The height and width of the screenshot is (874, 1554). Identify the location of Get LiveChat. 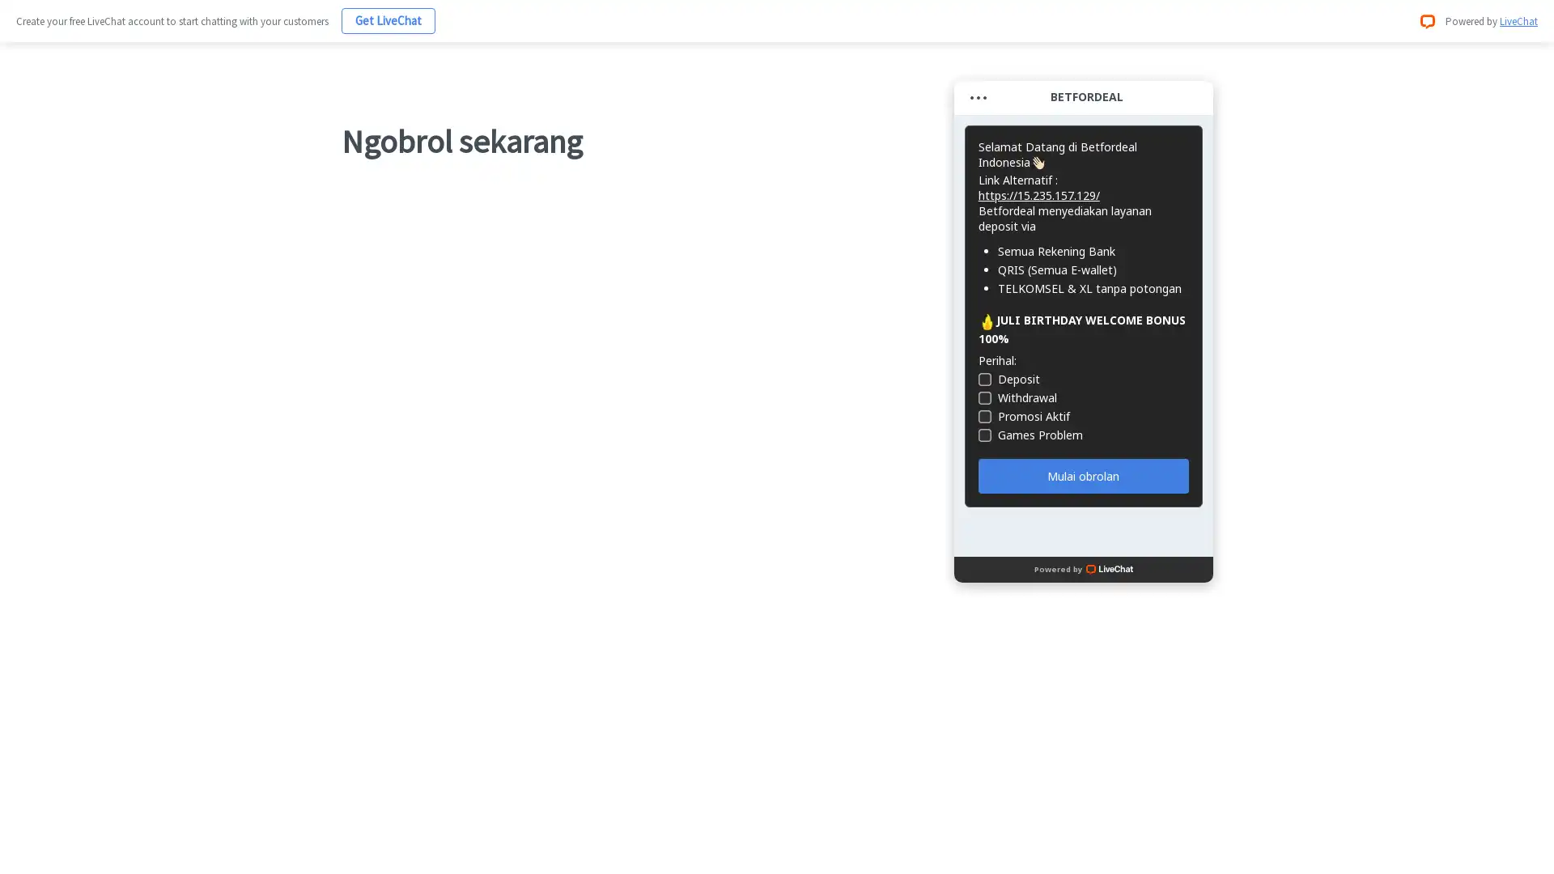
(388, 20).